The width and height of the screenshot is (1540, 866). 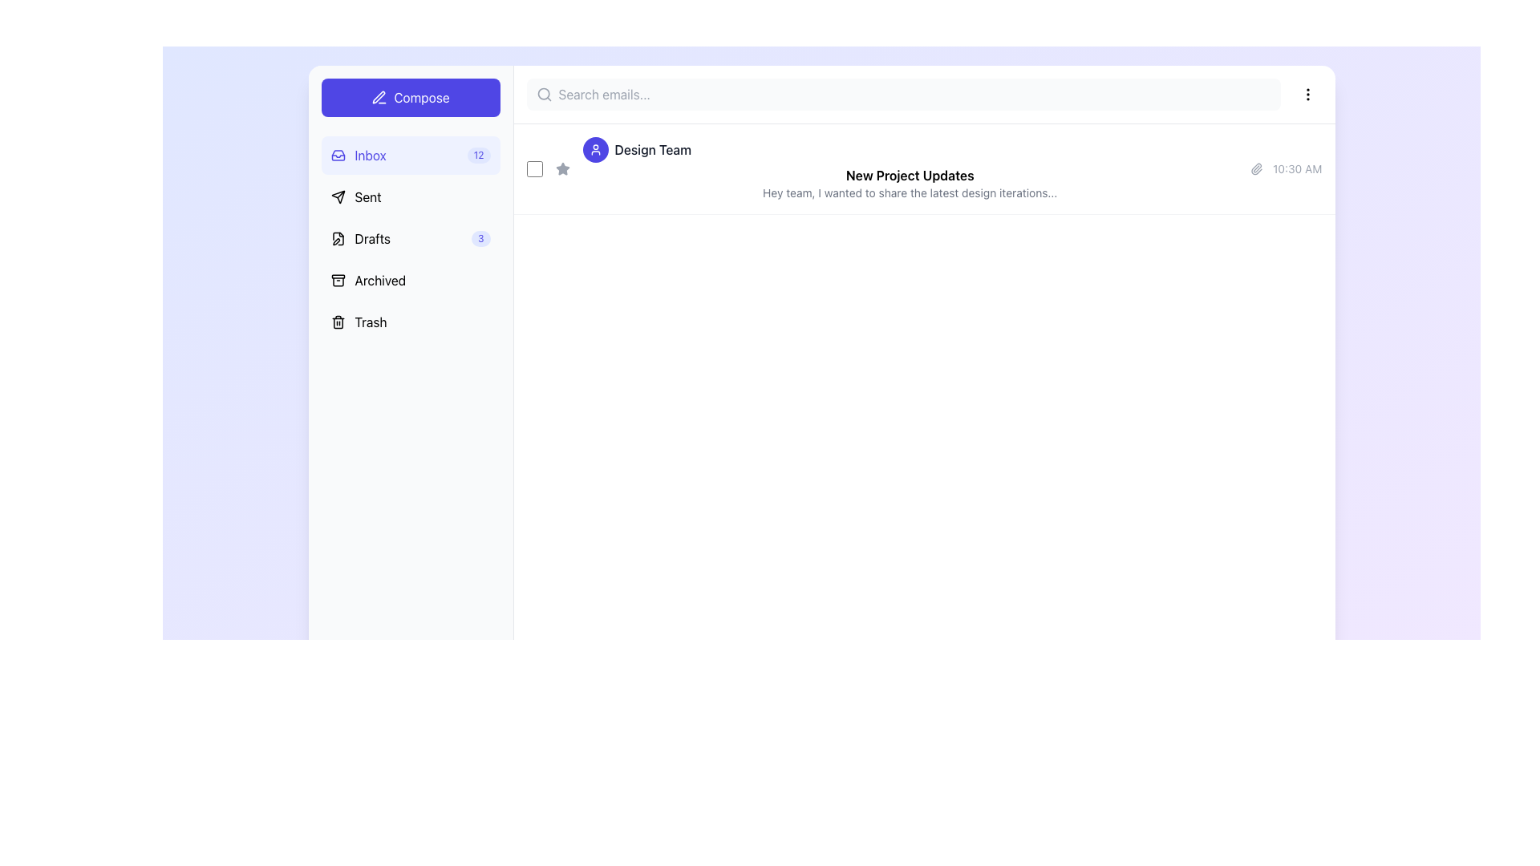 What do you see at coordinates (544, 95) in the screenshot?
I see `the search icon located at the left side of the search input field, which indicates the functionality for inputting queries` at bounding box center [544, 95].